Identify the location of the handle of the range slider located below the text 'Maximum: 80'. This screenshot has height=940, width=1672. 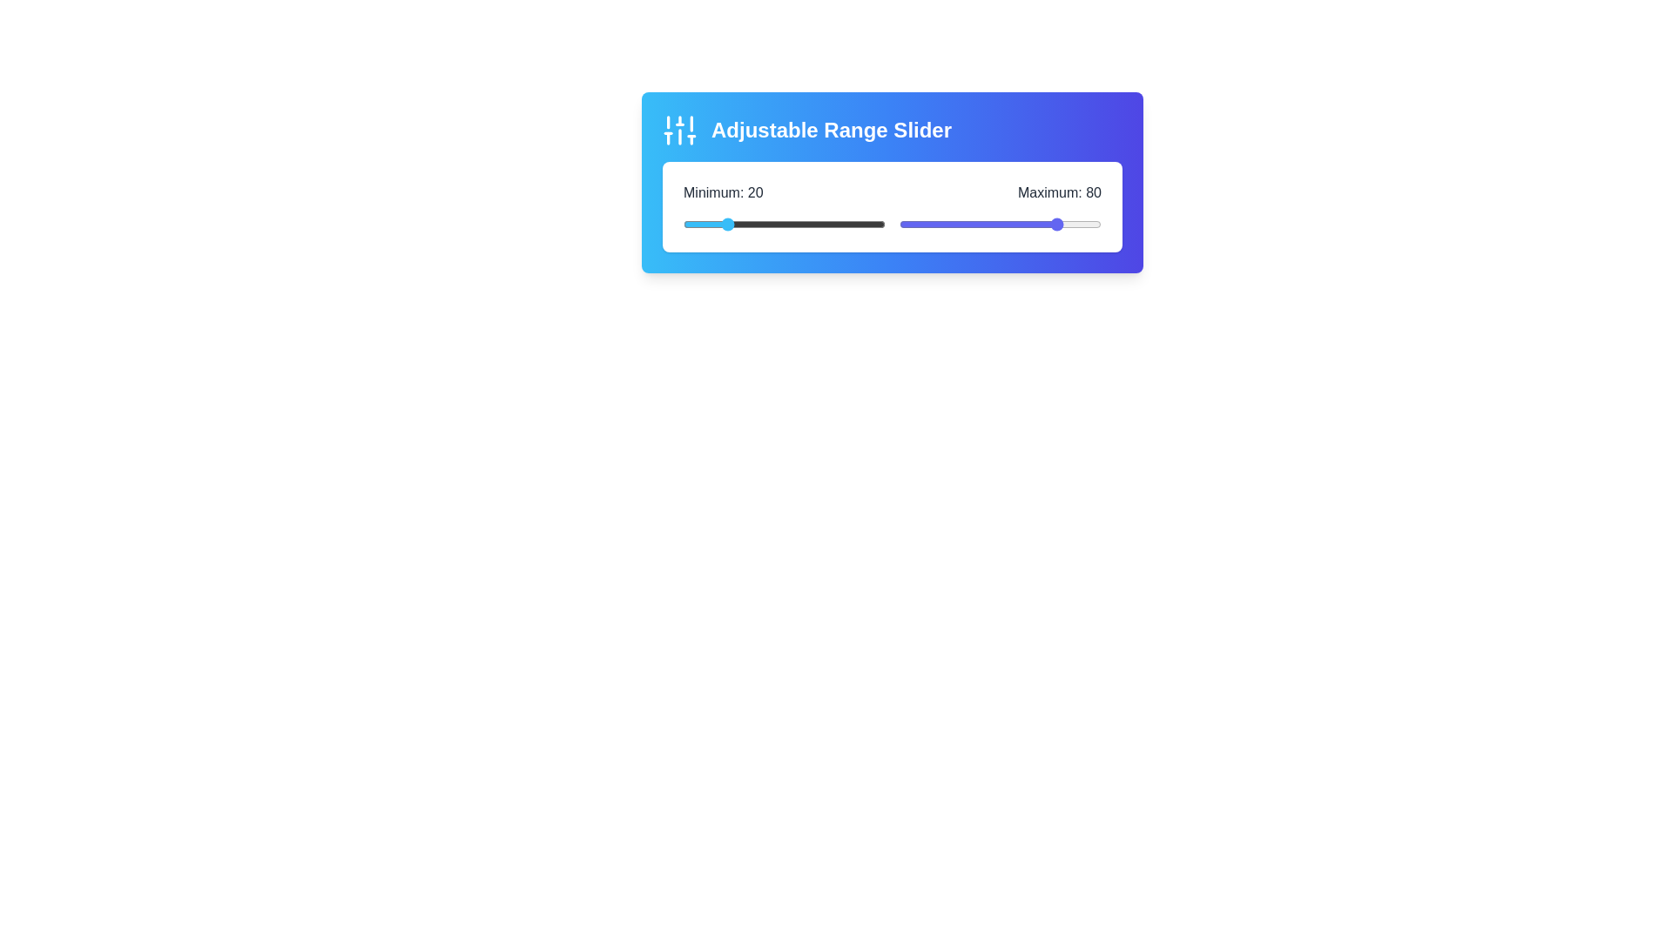
(1000, 224).